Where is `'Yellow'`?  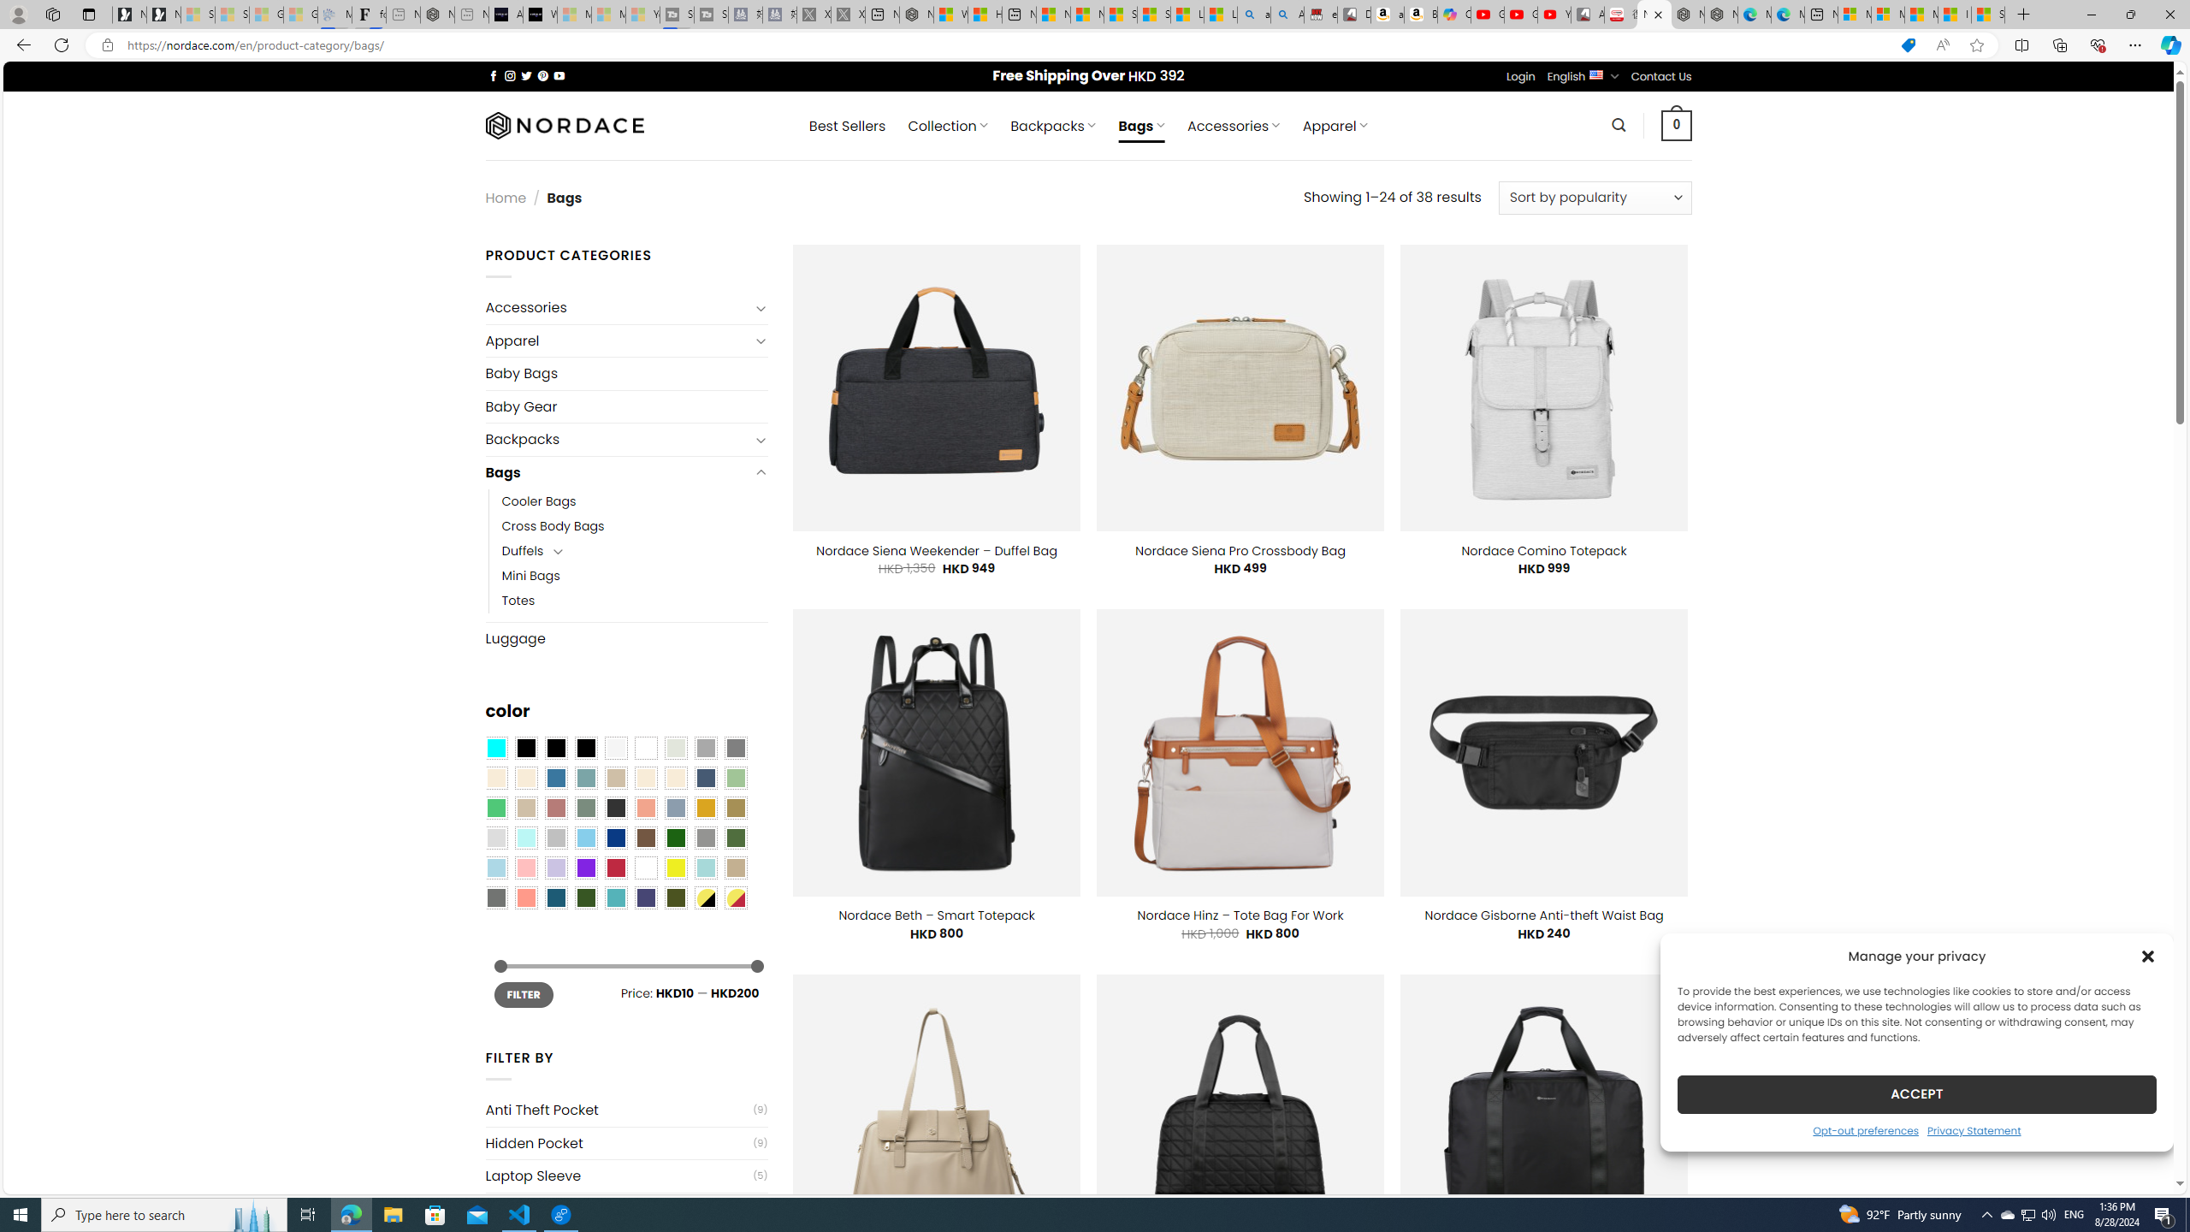
'Yellow' is located at coordinates (676, 868).